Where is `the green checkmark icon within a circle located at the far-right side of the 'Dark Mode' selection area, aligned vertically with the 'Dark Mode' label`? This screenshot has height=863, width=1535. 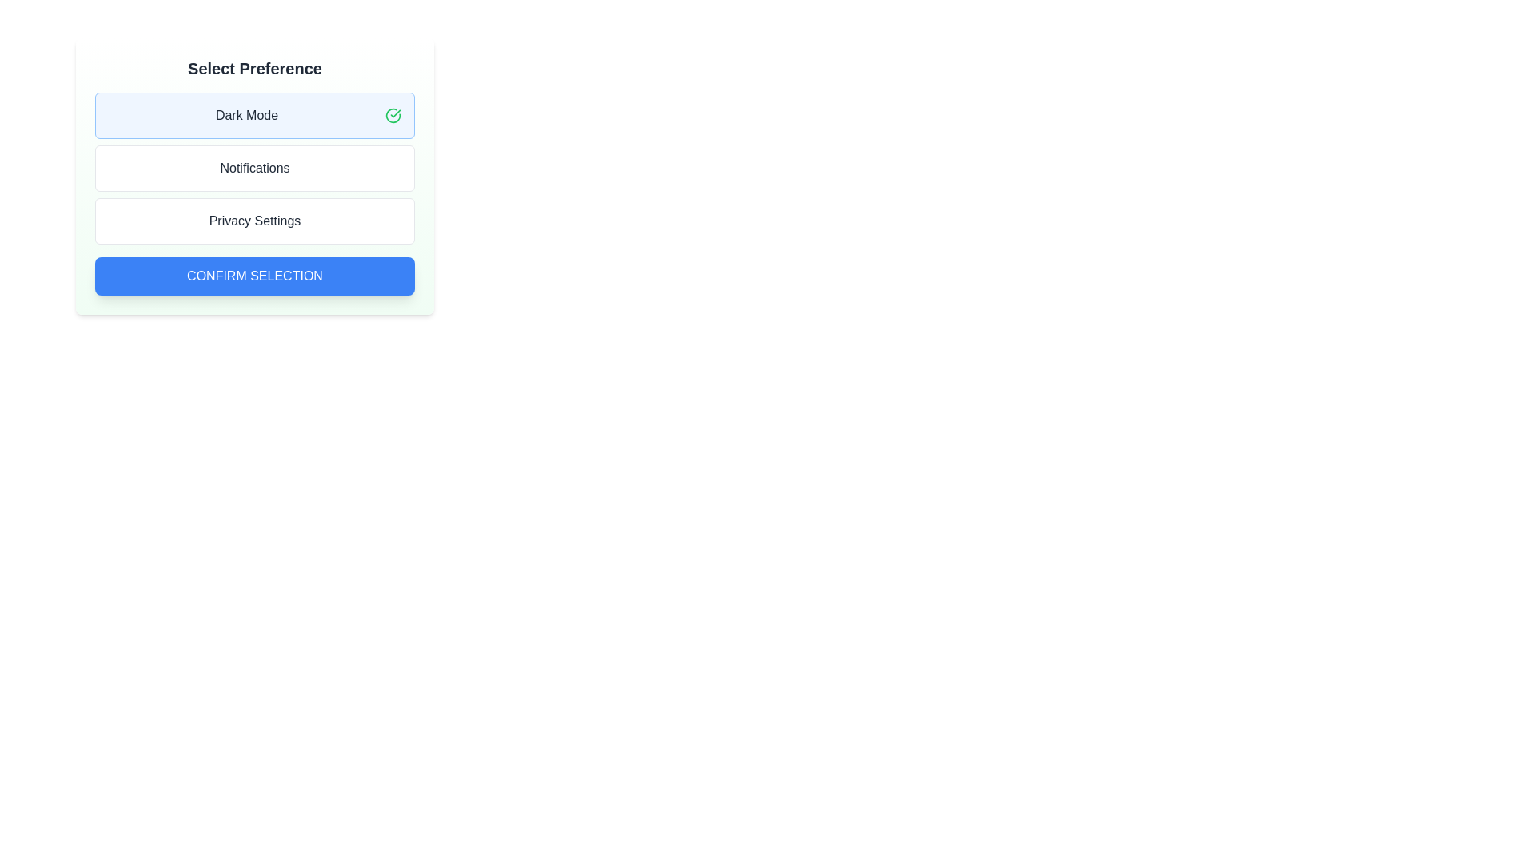
the green checkmark icon within a circle located at the far-right side of the 'Dark Mode' selection area, aligned vertically with the 'Dark Mode' label is located at coordinates (393, 115).